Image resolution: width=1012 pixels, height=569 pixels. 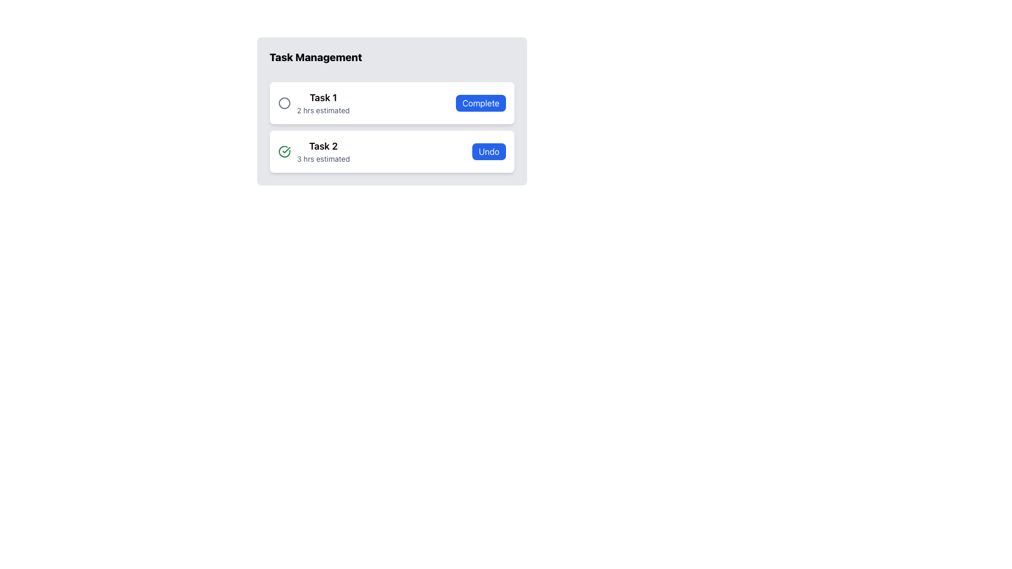 What do you see at coordinates (313, 152) in the screenshot?
I see `the List Item with an Icon and Text indicating the task titled 'Task 1', which is located in the second row of the task list area, to the left of the 'Undo' button` at bounding box center [313, 152].